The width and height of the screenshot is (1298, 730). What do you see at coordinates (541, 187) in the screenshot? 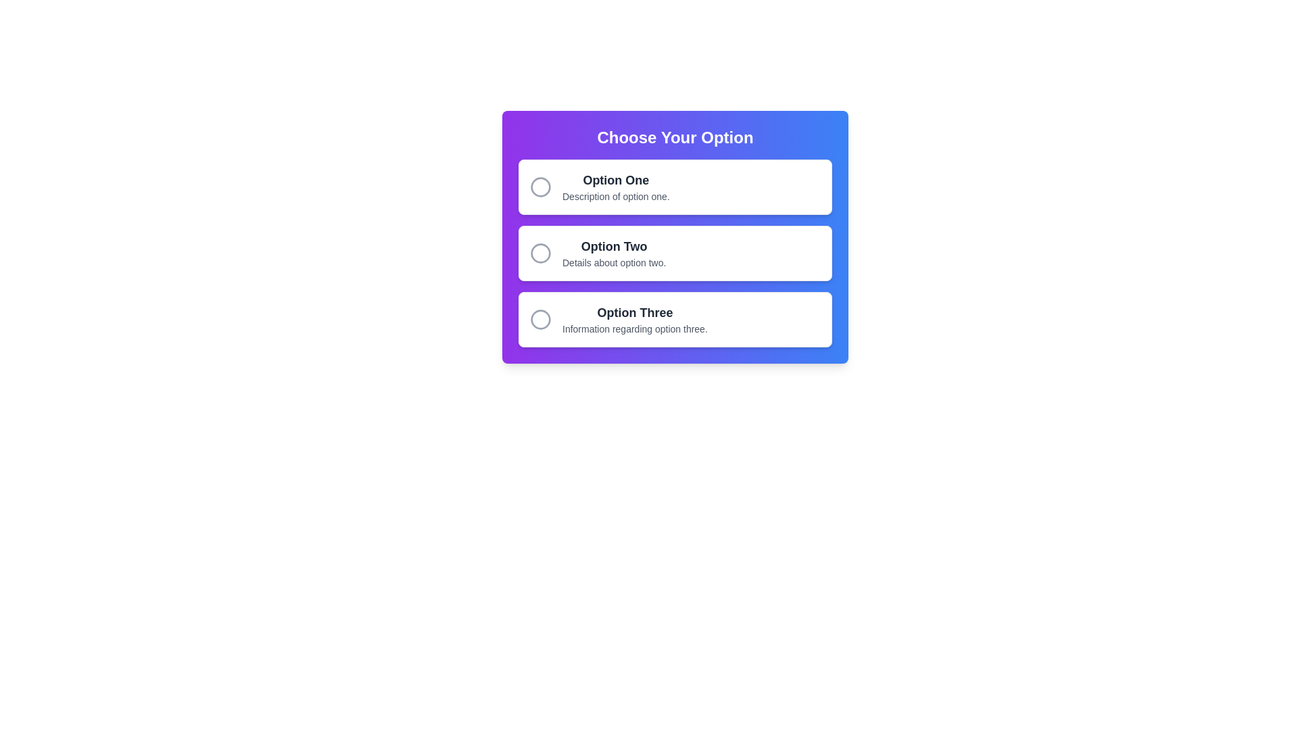
I see `the circular graphical representation that is the innermost part of the selection indicator next to 'Option One'` at bounding box center [541, 187].